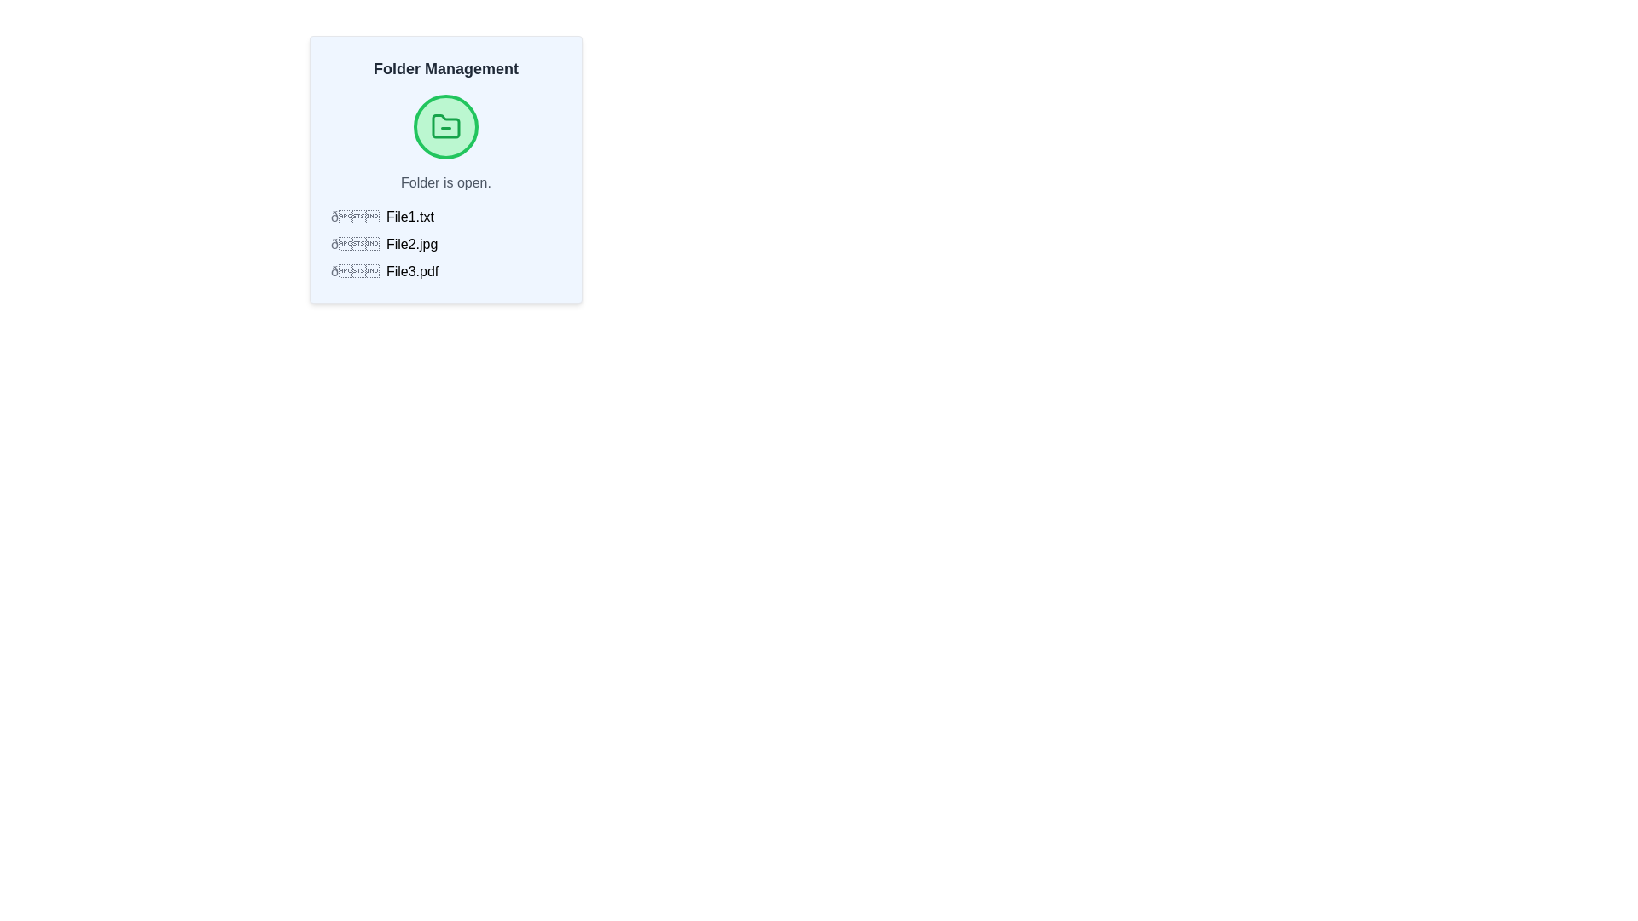 The height and width of the screenshot is (921, 1638). I want to click on the list item representing 'File3.pdf', so click(446, 271).